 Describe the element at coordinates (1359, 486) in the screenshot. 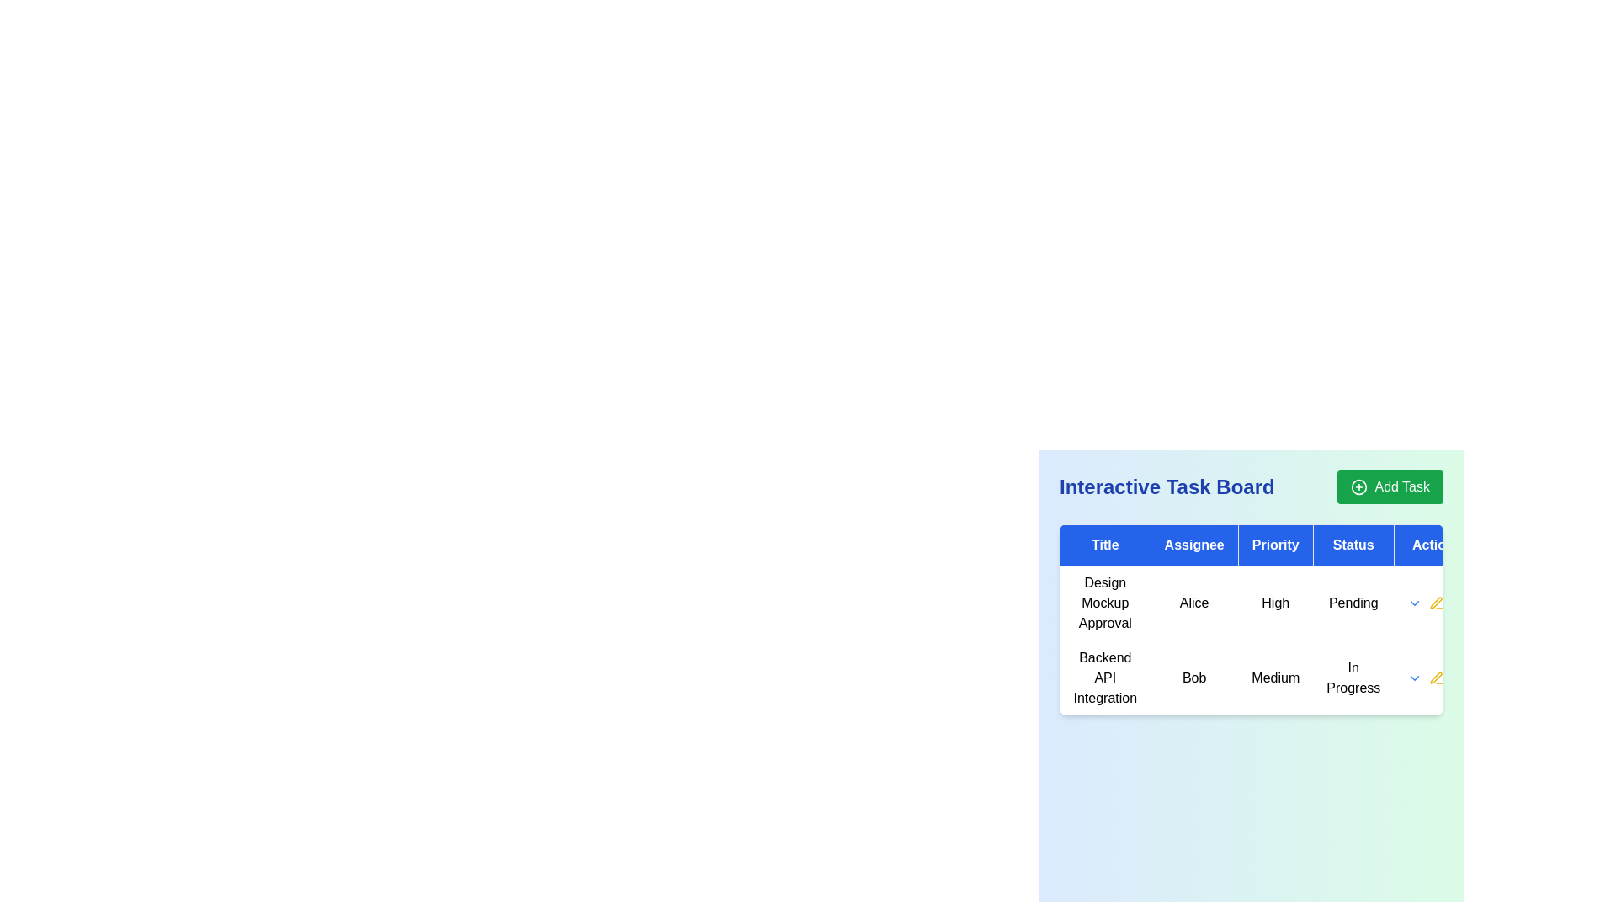

I see `the circular green icon with a white plus sign, located in the top-right corner of the task board interface, adjacent to the 'Add Task' text` at that location.